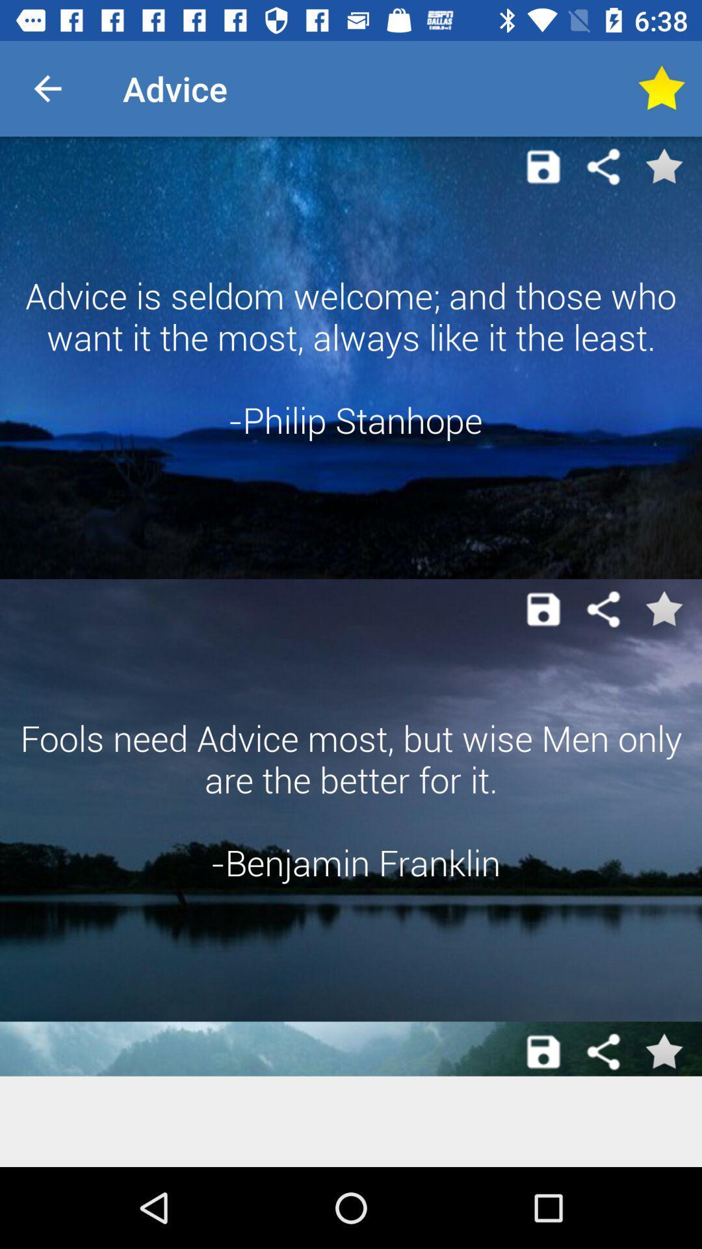  I want to click on item to the left of advice icon, so click(47, 88).